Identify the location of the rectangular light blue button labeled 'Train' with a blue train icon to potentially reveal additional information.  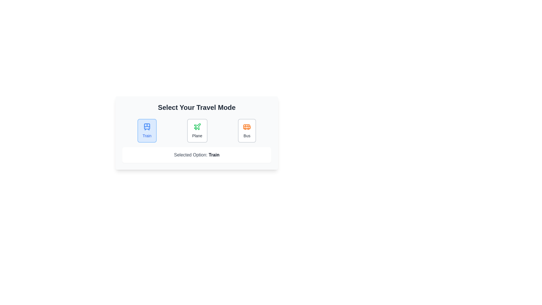
(147, 130).